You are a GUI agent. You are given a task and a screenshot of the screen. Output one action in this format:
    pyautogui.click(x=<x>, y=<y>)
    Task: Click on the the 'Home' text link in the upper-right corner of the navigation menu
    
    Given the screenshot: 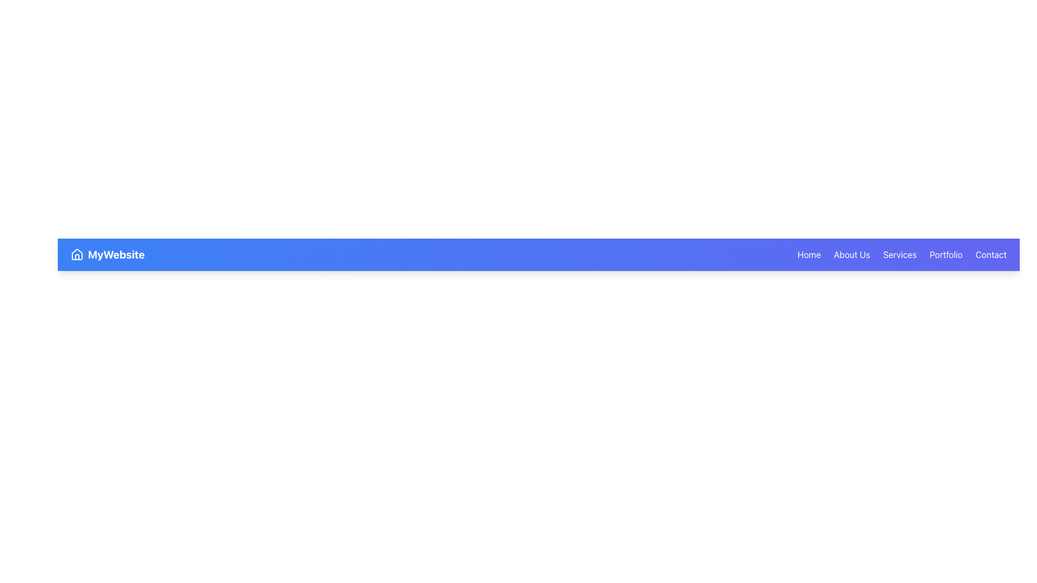 What is the action you would take?
    pyautogui.click(x=809, y=254)
    